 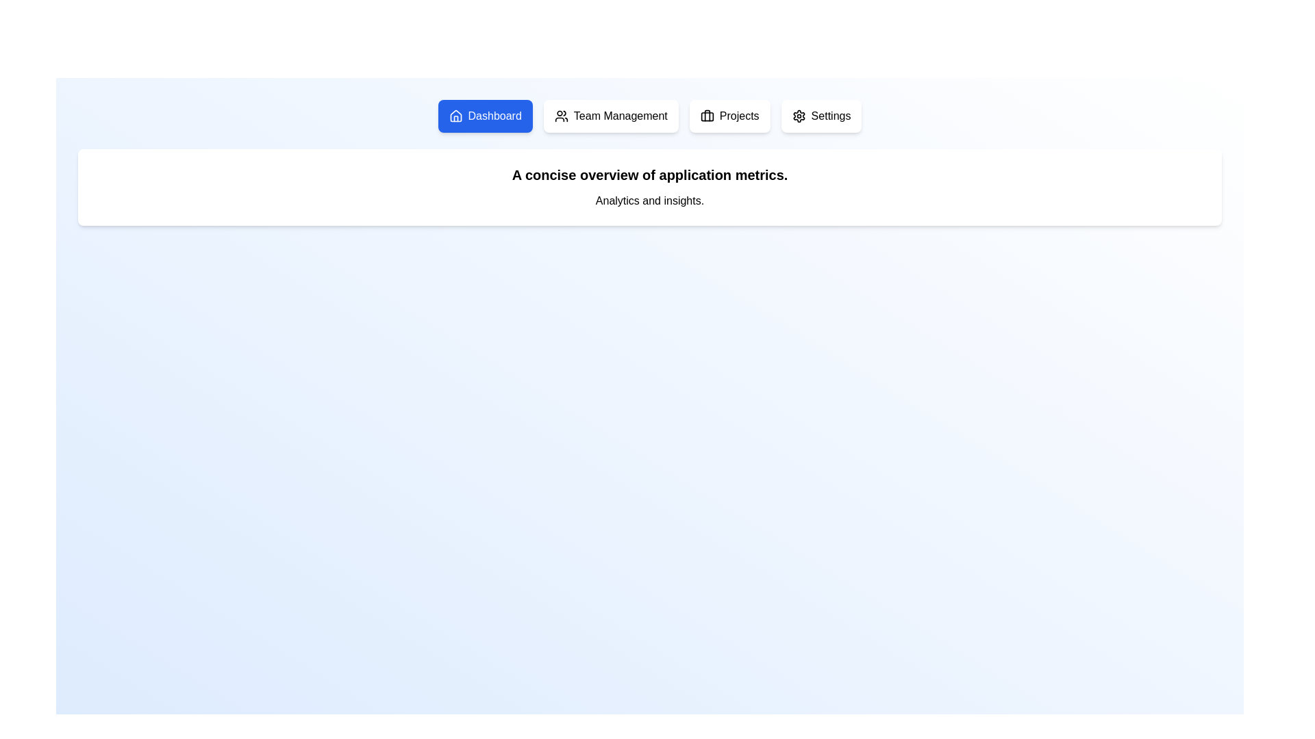 What do you see at coordinates (729, 115) in the screenshot?
I see `the 'Projects' button, which is a rounded rectangle with a white background and a briefcase icon` at bounding box center [729, 115].